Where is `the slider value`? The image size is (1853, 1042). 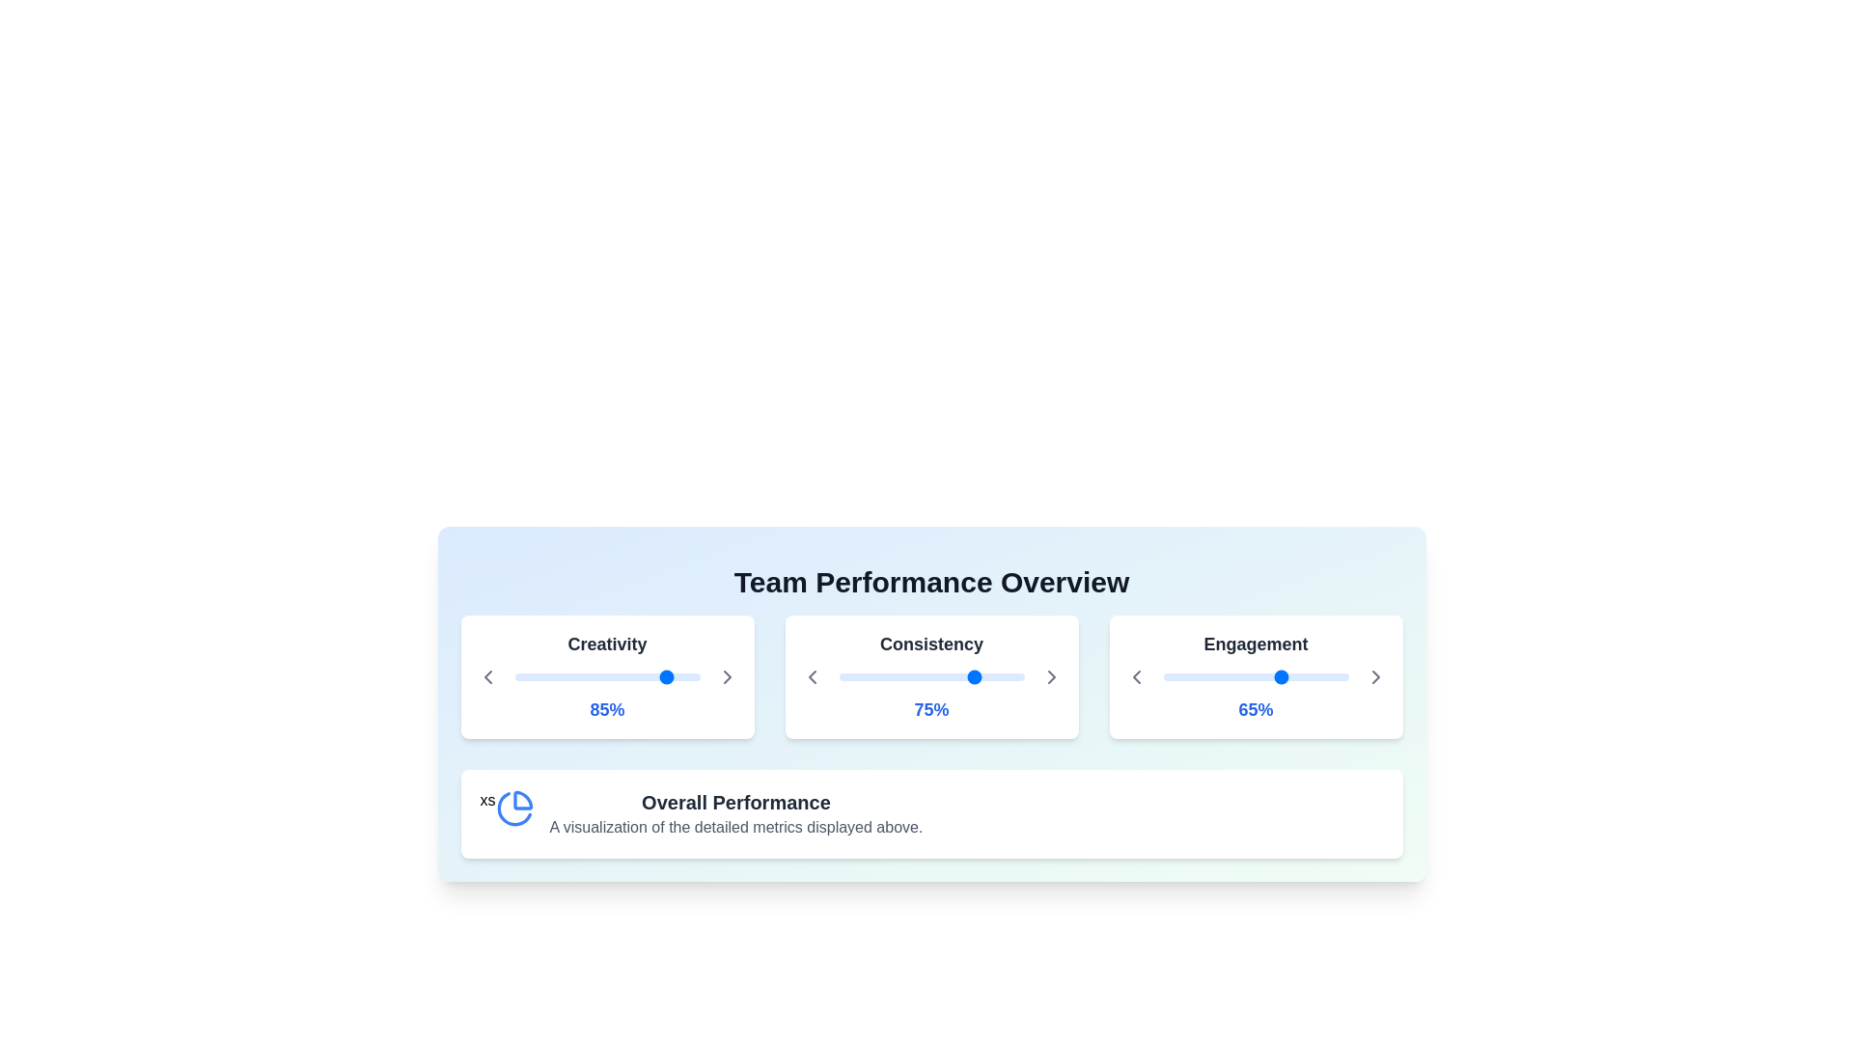
the slider value is located at coordinates (533, 676).